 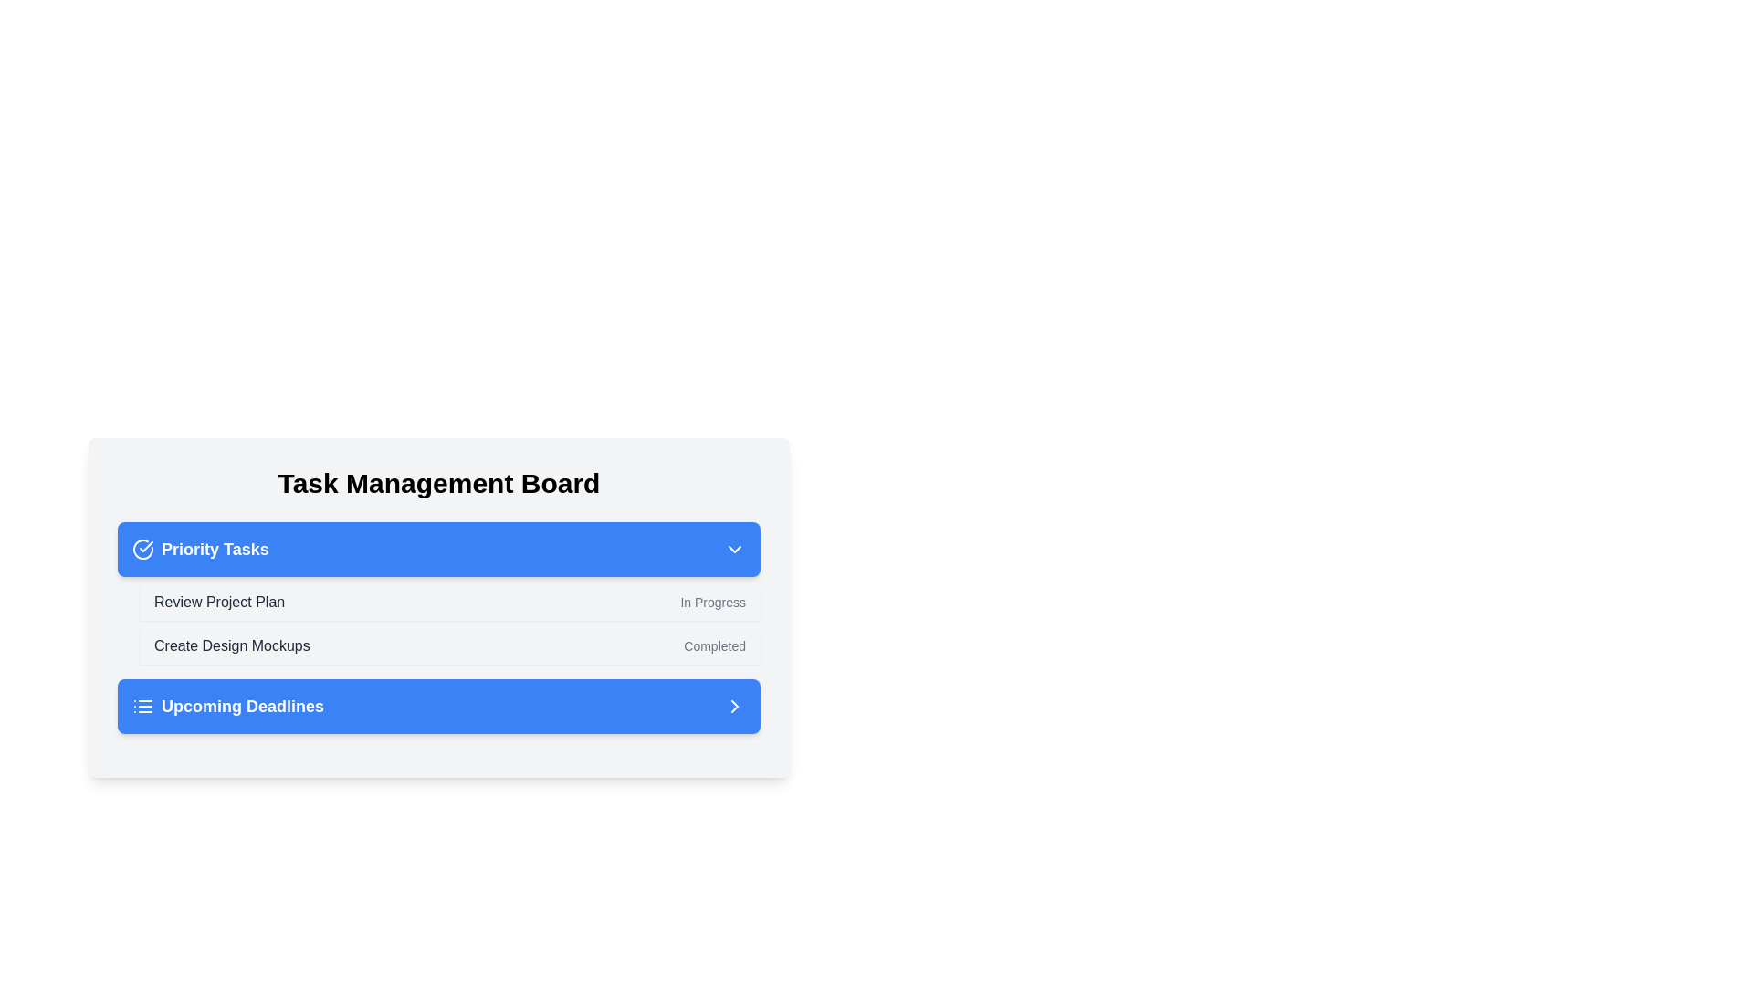 What do you see at coordinates (735, 706) in the screenshot?
I see `the chevron icon located on the right side of the blue section header in the 'Upcoming Deadlines' section of the Task Management Board interface` at bounding box center [735, 706].